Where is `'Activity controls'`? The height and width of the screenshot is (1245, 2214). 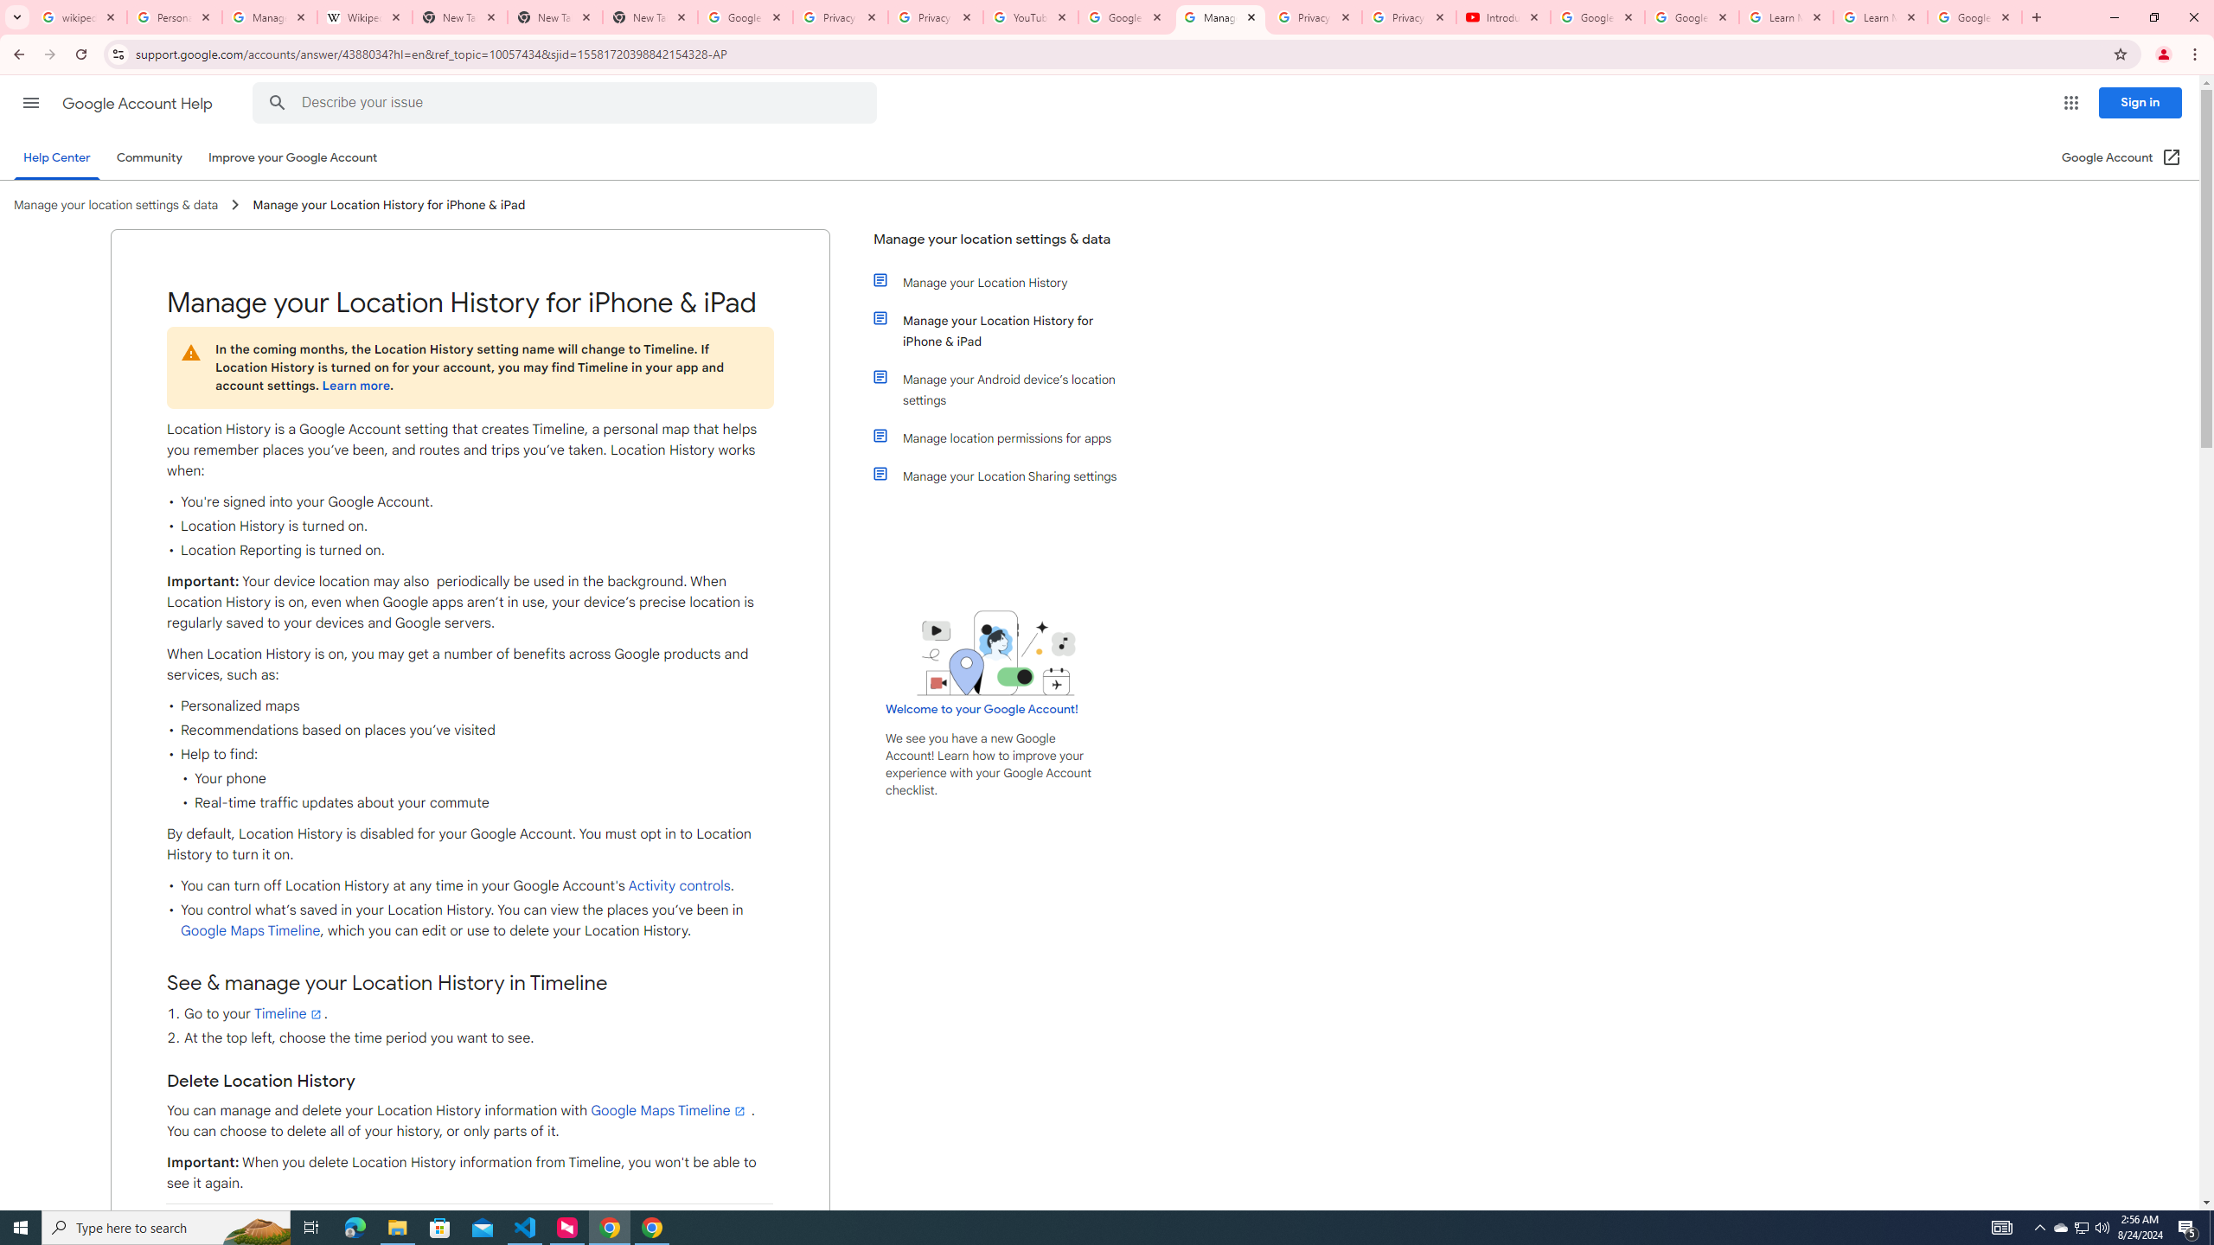
'Activity controls' is located at coordinates (678, 886).